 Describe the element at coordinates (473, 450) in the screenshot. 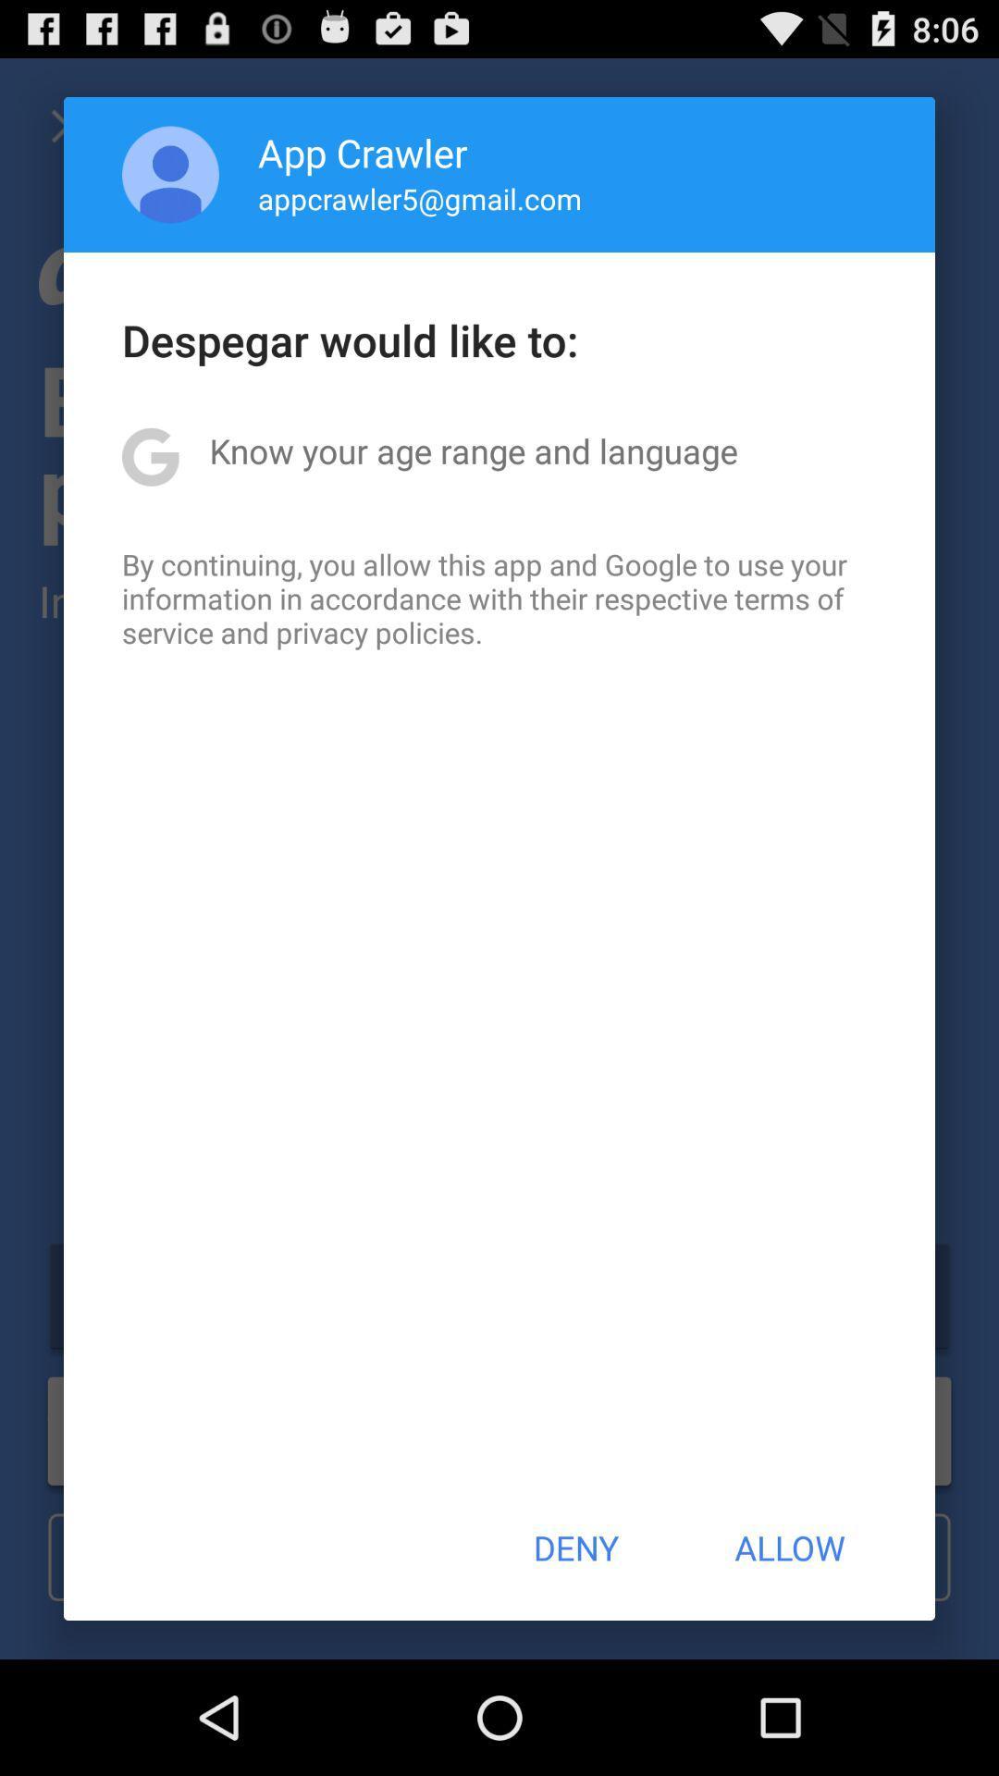

I see `the icon below the despegar would like icon` at that location.